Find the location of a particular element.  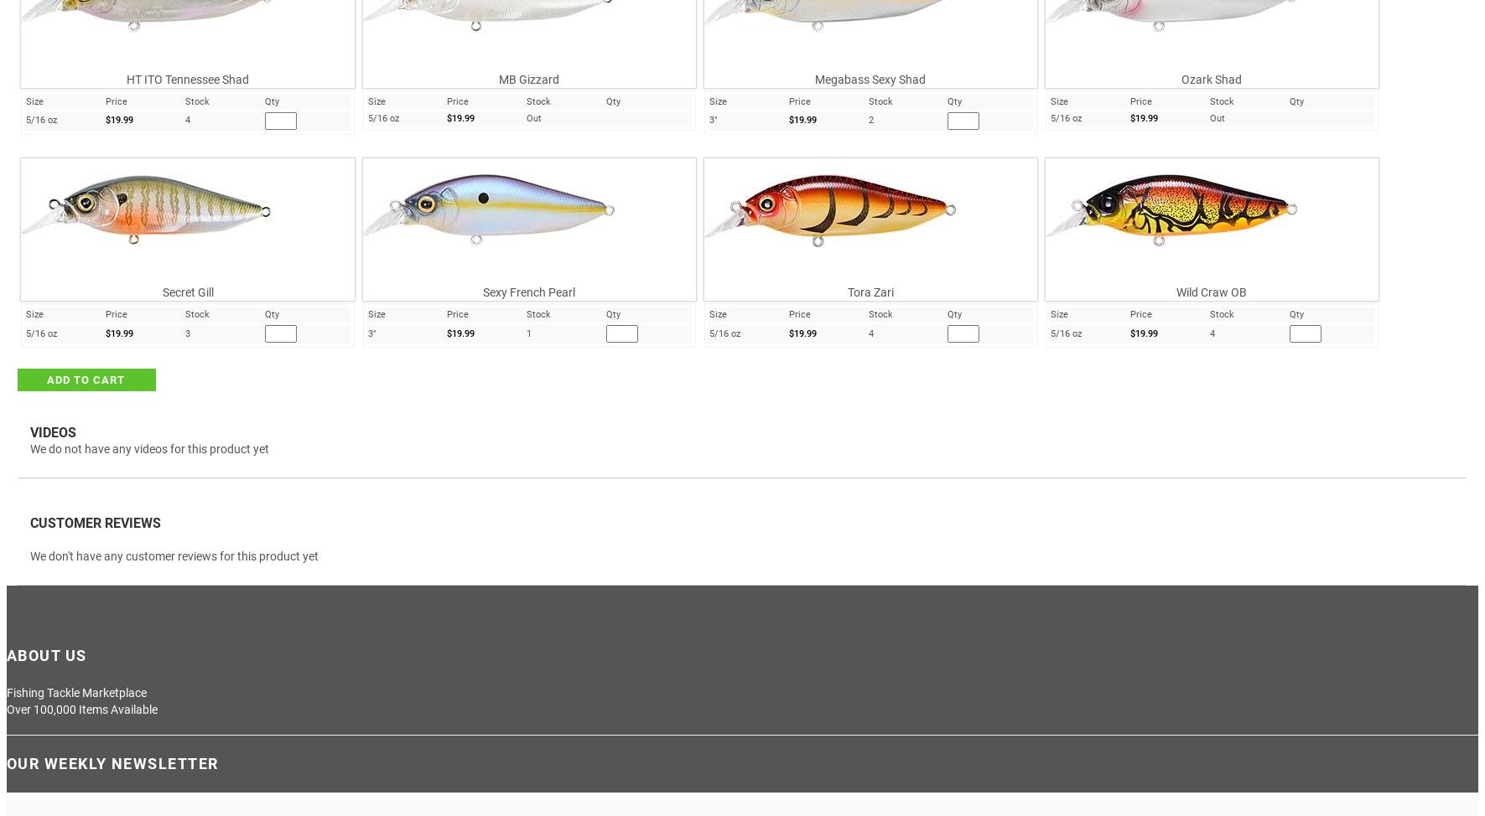

'Wild Craw OB' is located at coordinates (1211, 292).